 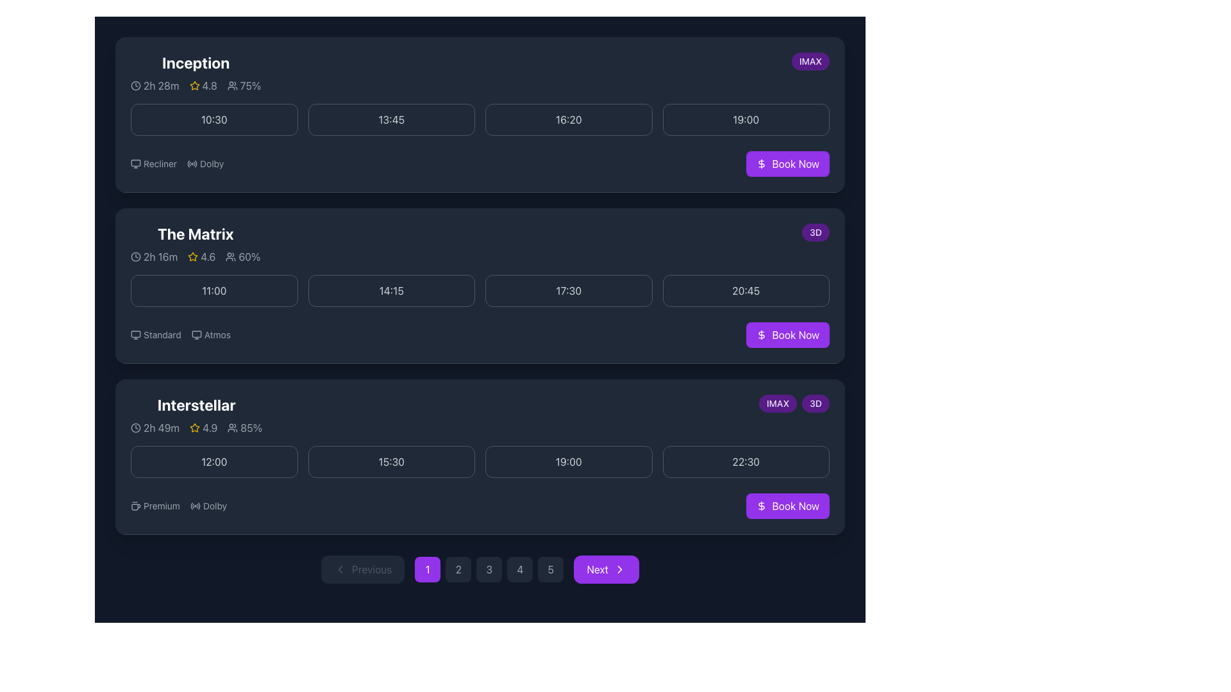 What do you see at coordinates (196, 405) in the screenshot?
I see `text label displaying the movie title 'Interstellar,' which is a bold, white font located in the top-left section of the movie details block` at bounding box center [196, 405].